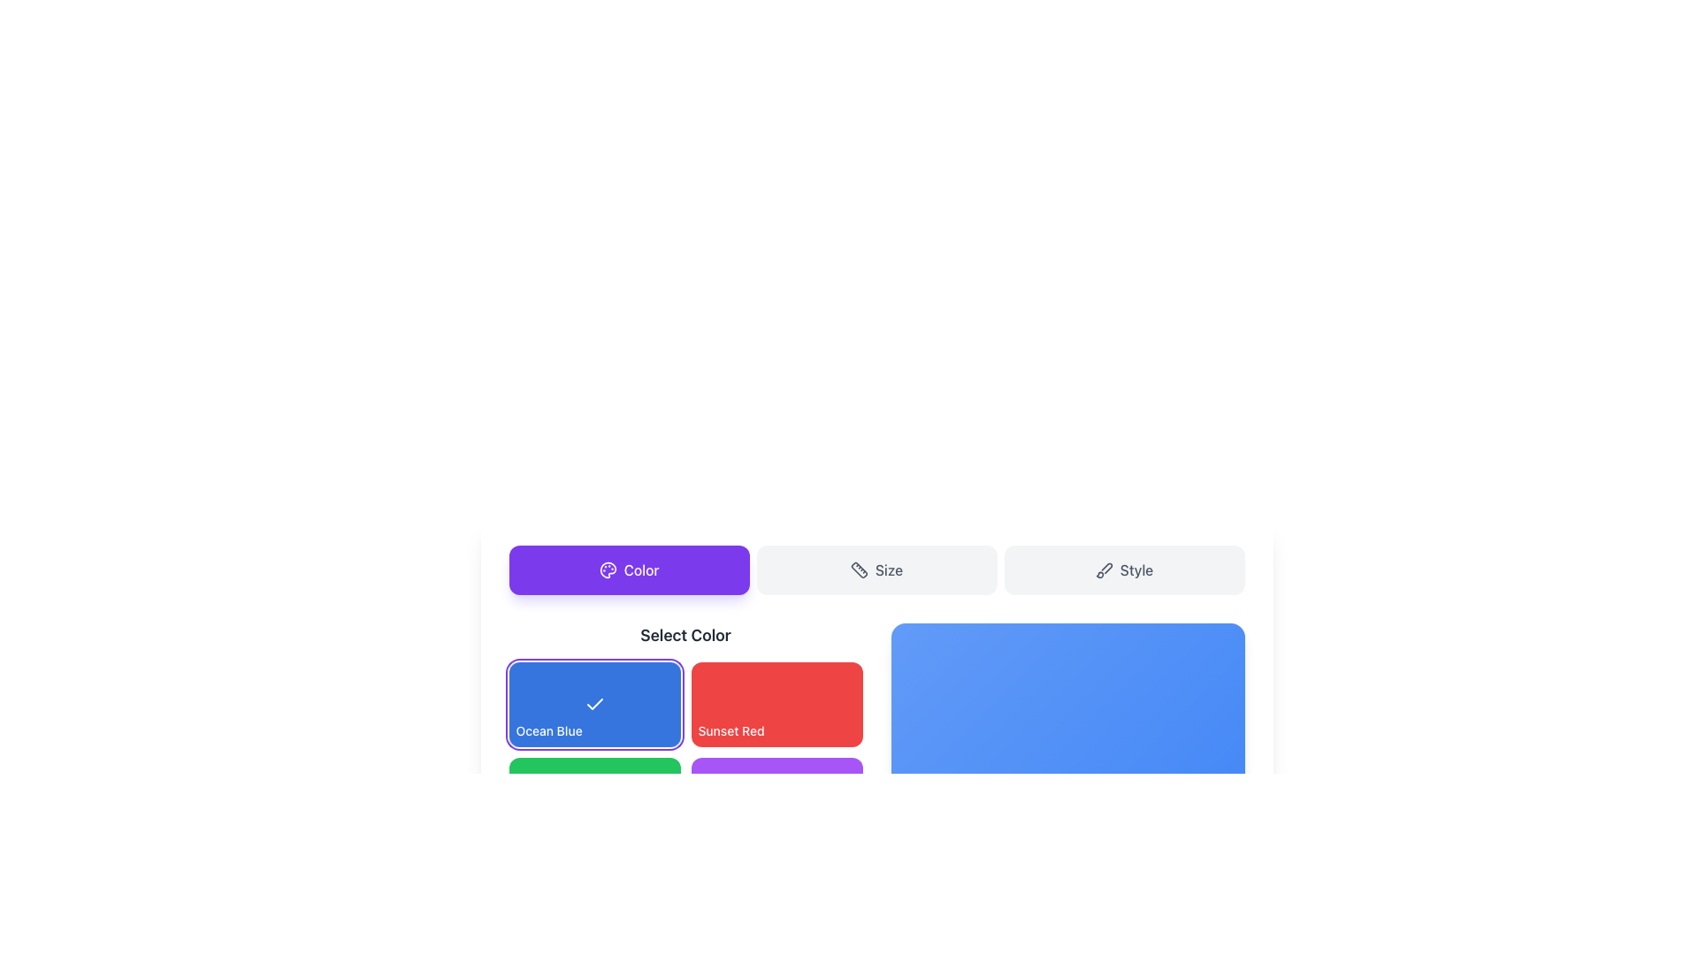 Image resolution: width=1698 pixels, height=955 pixels. What do you see at coordinates (876, 569) in the screenshot?
I see `the middle button in the navigation bar that filters or selects items based on size` at bounding box center [876, 569].